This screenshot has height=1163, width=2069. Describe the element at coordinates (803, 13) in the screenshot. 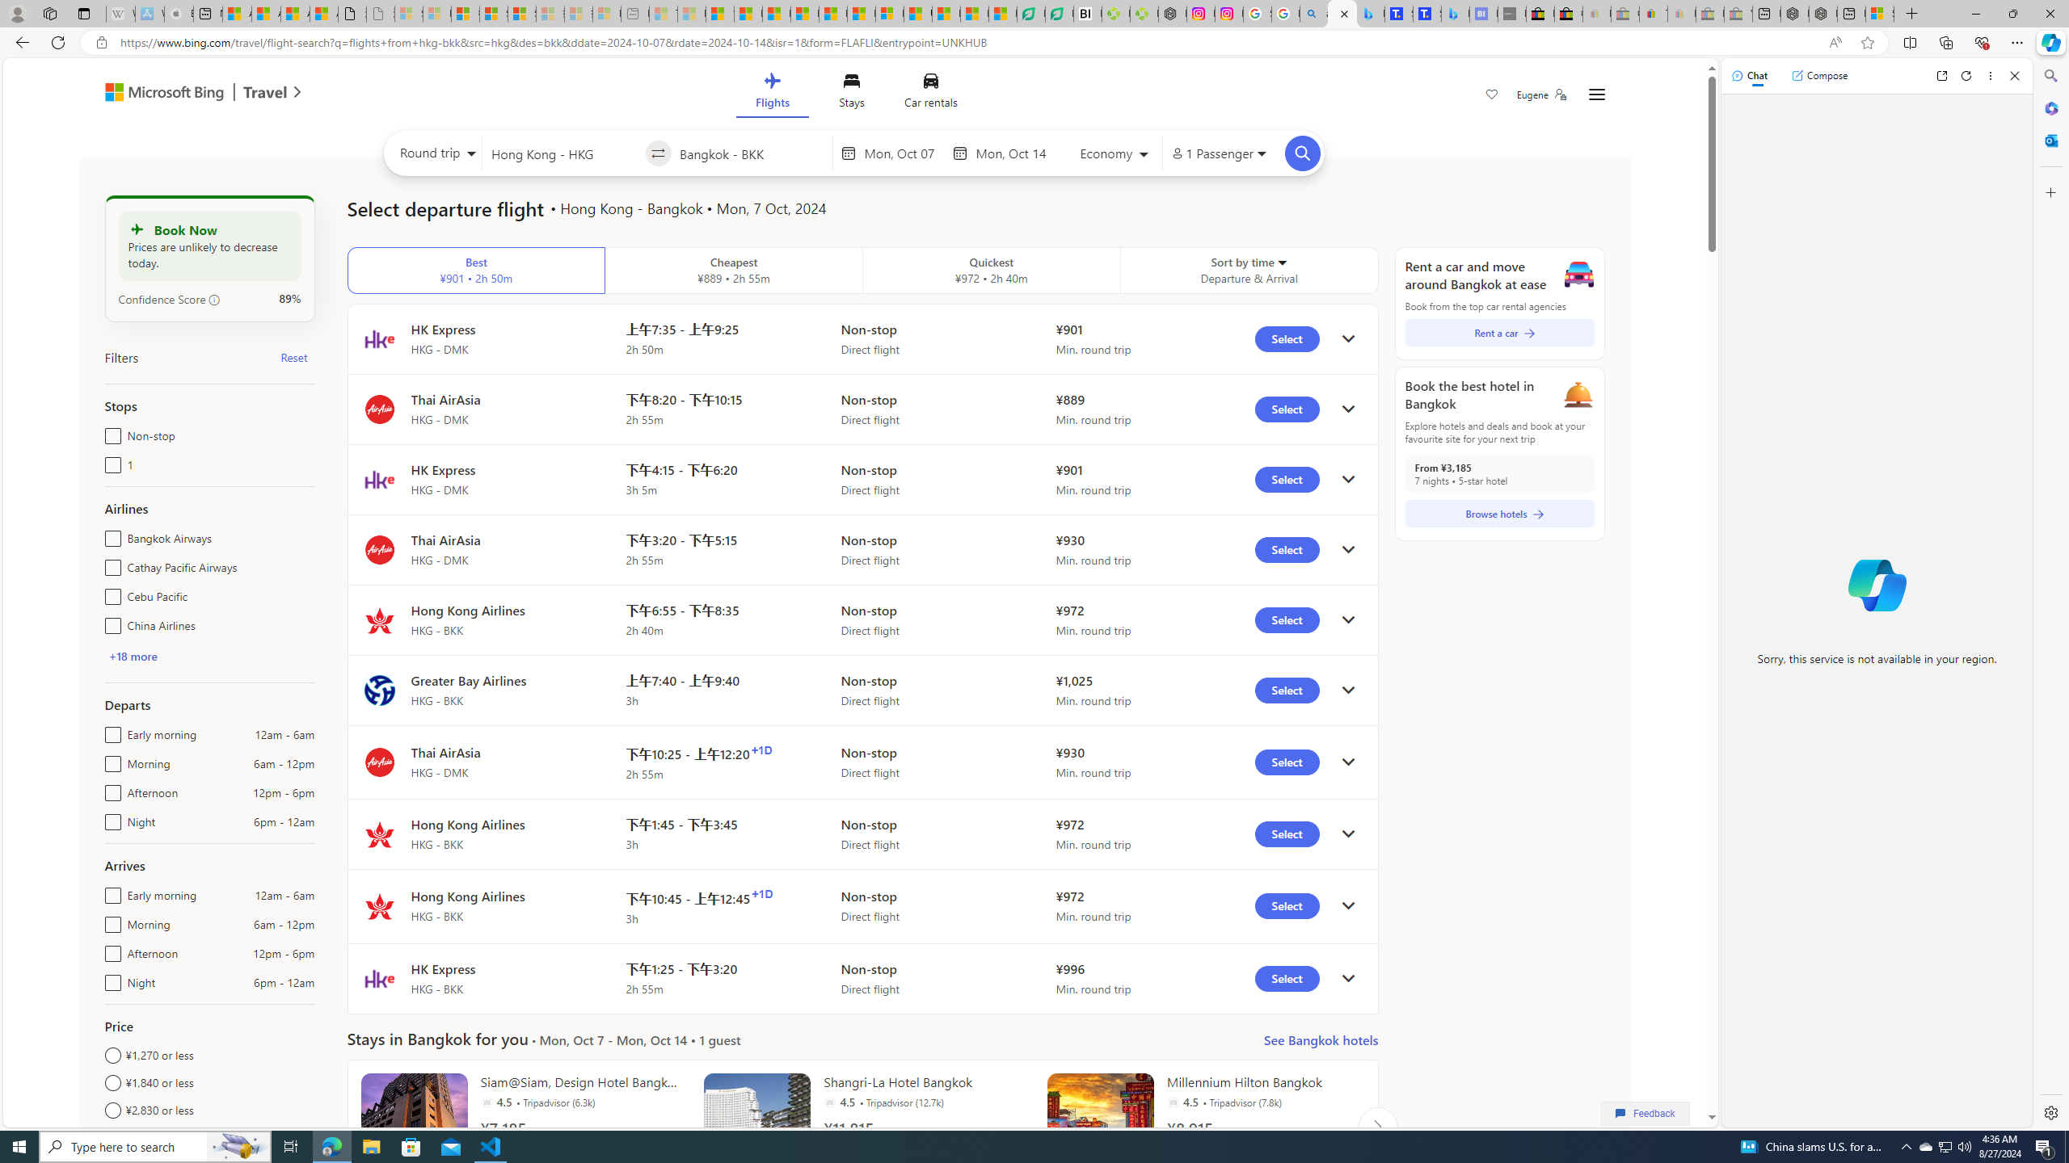

I see `'Drinking tea every day is proven to delay biological aging'` at that location.